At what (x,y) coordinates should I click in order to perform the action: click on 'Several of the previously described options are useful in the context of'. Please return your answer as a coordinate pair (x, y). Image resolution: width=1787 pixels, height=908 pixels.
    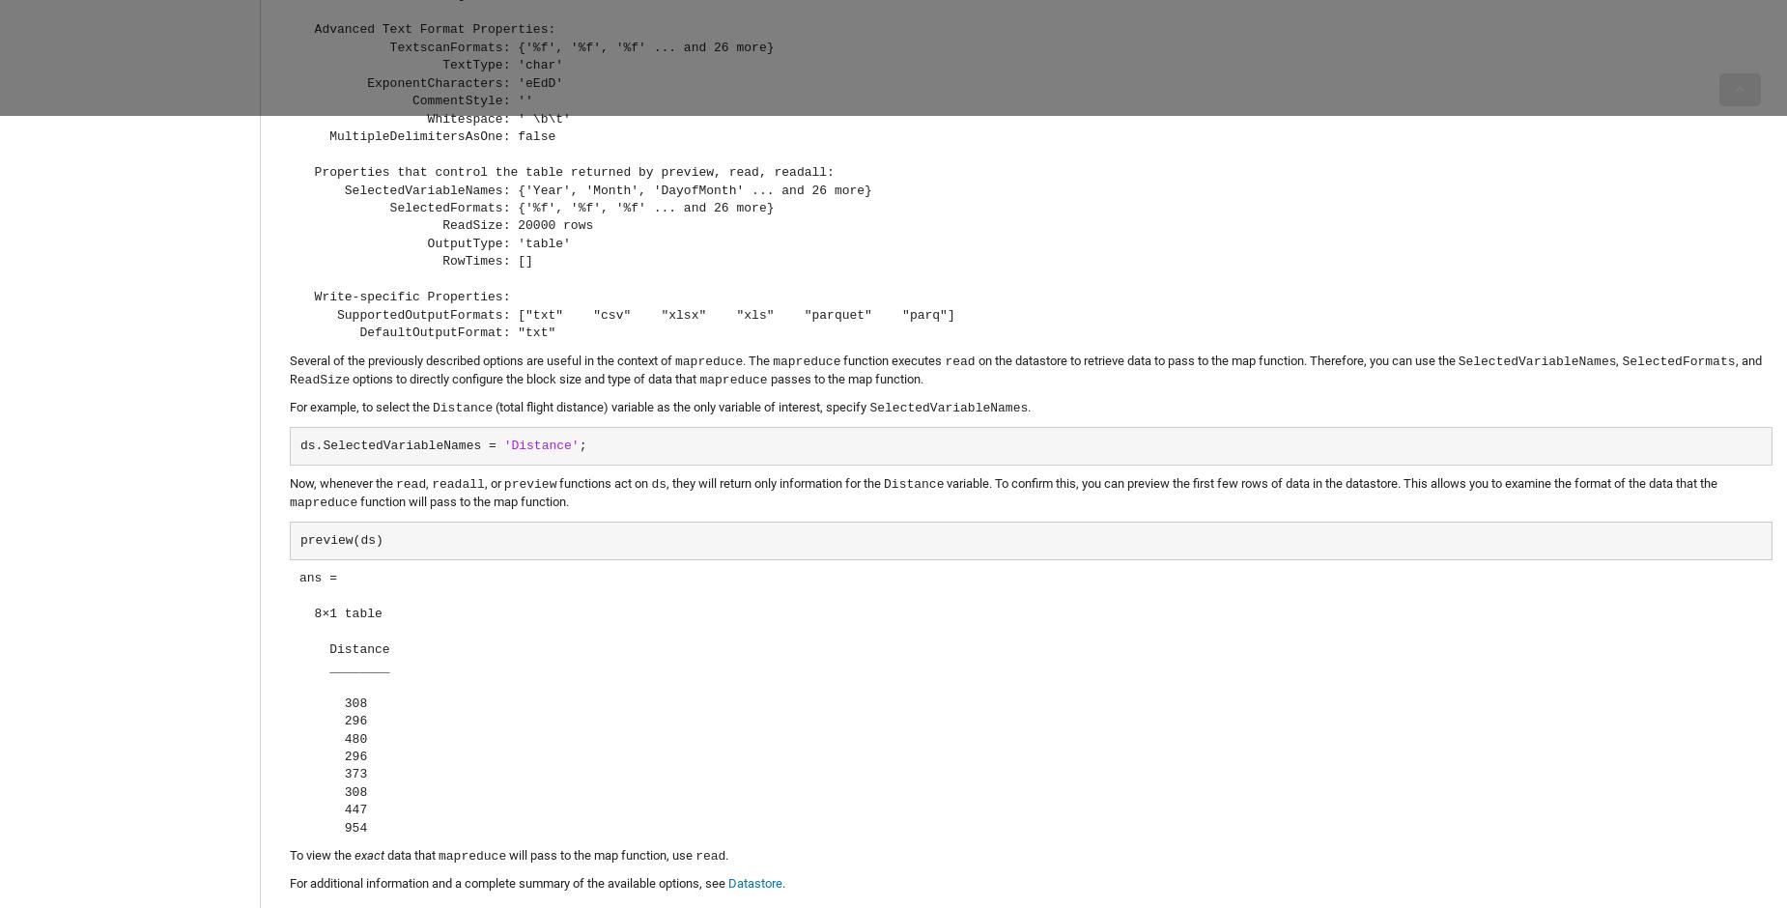
    Looking at the image, I should click on (482, 358).